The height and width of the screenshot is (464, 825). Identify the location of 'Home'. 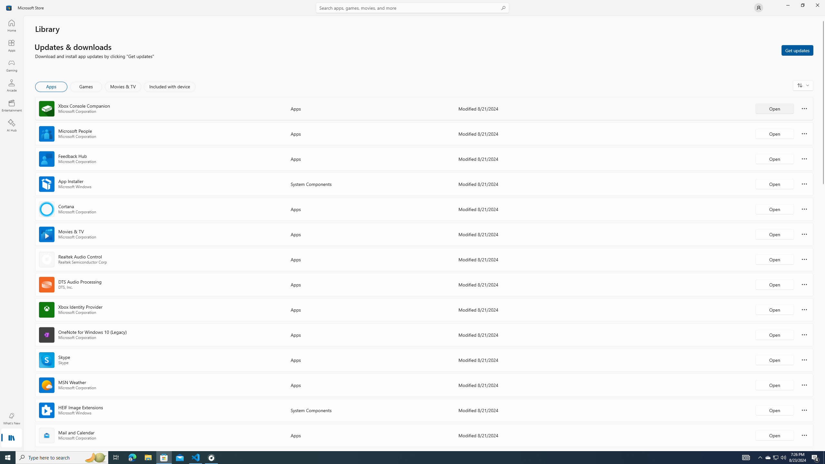
(11, 25).